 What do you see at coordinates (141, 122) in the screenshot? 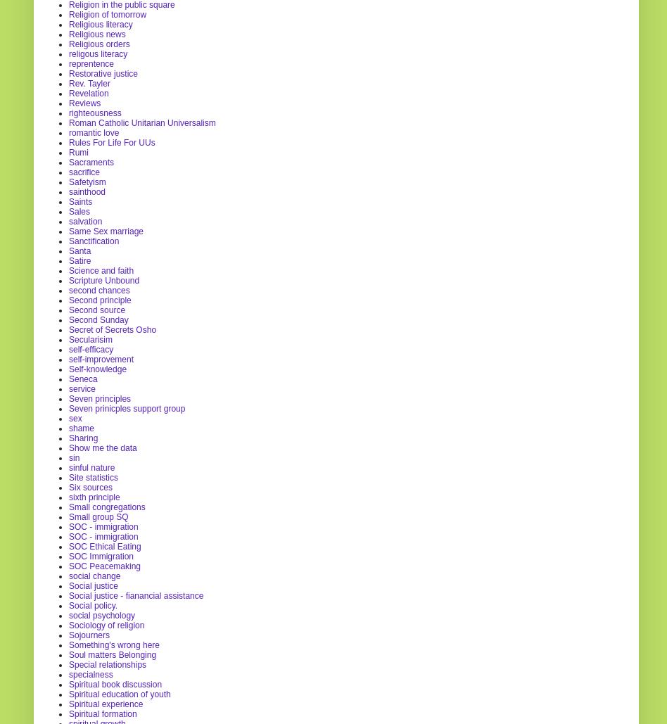
I see `'Roman Catholic Unitarian Universalism'` at bounding box center [141, 122].